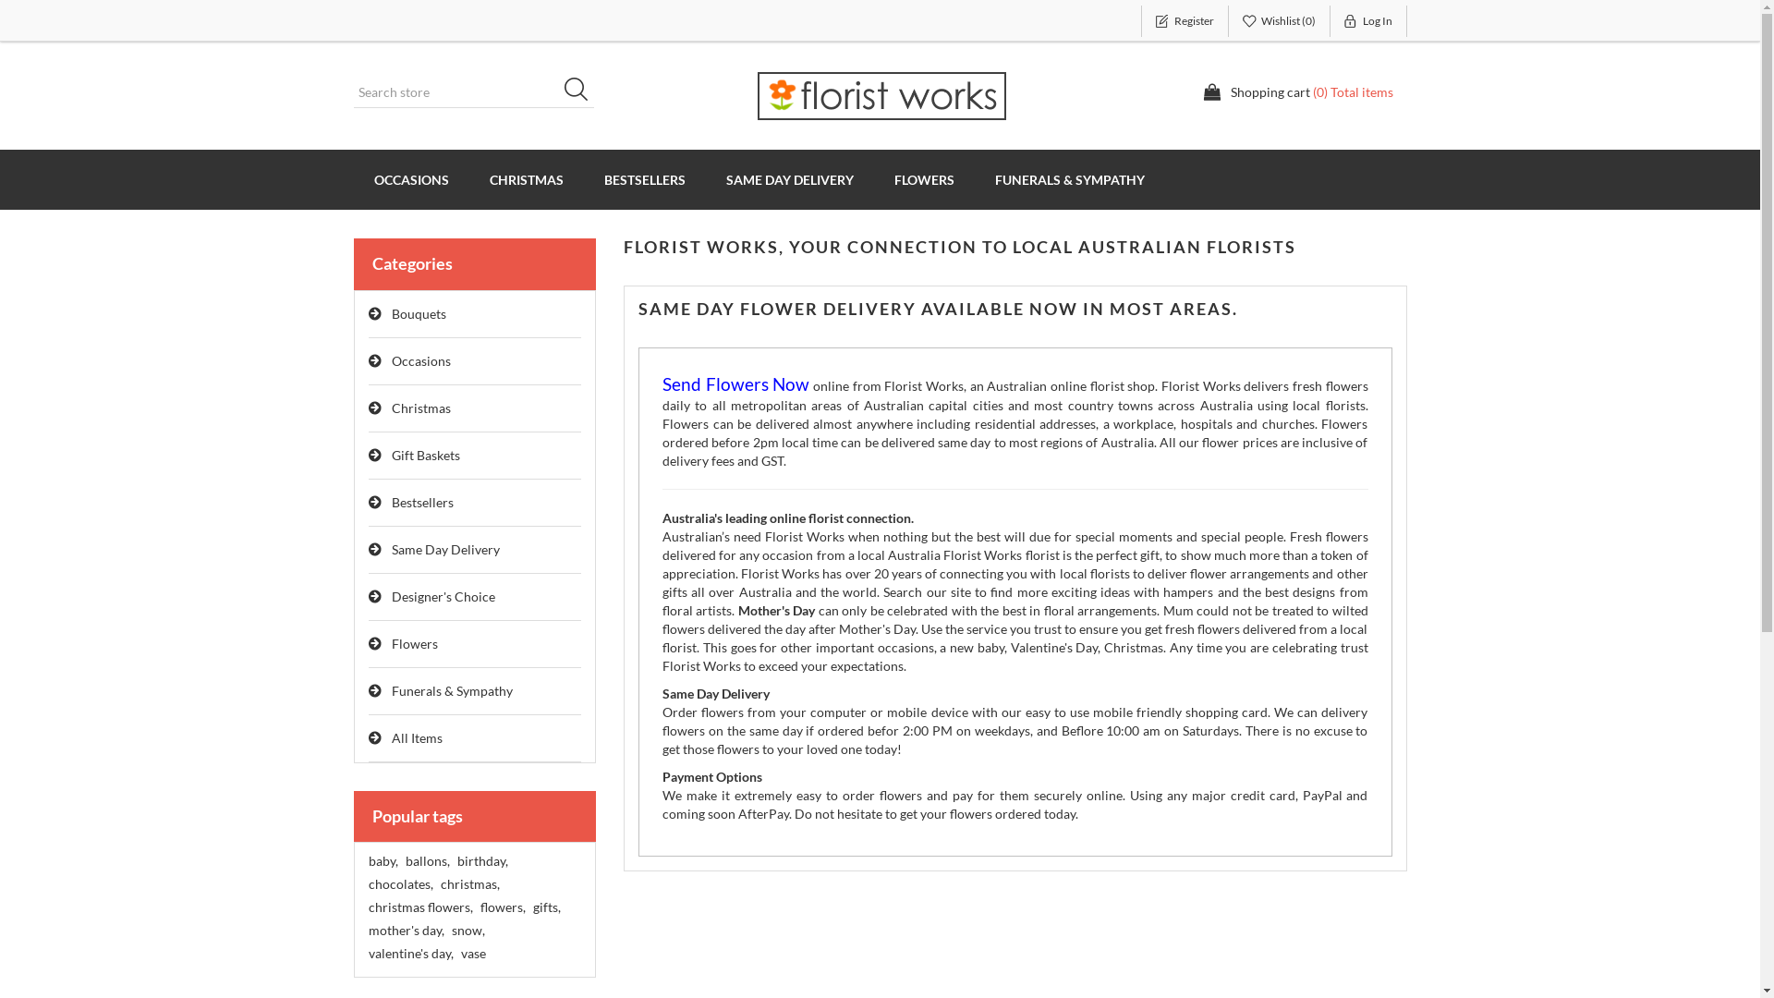  I want to click on 'christmas flowers,', so click(368, 907).